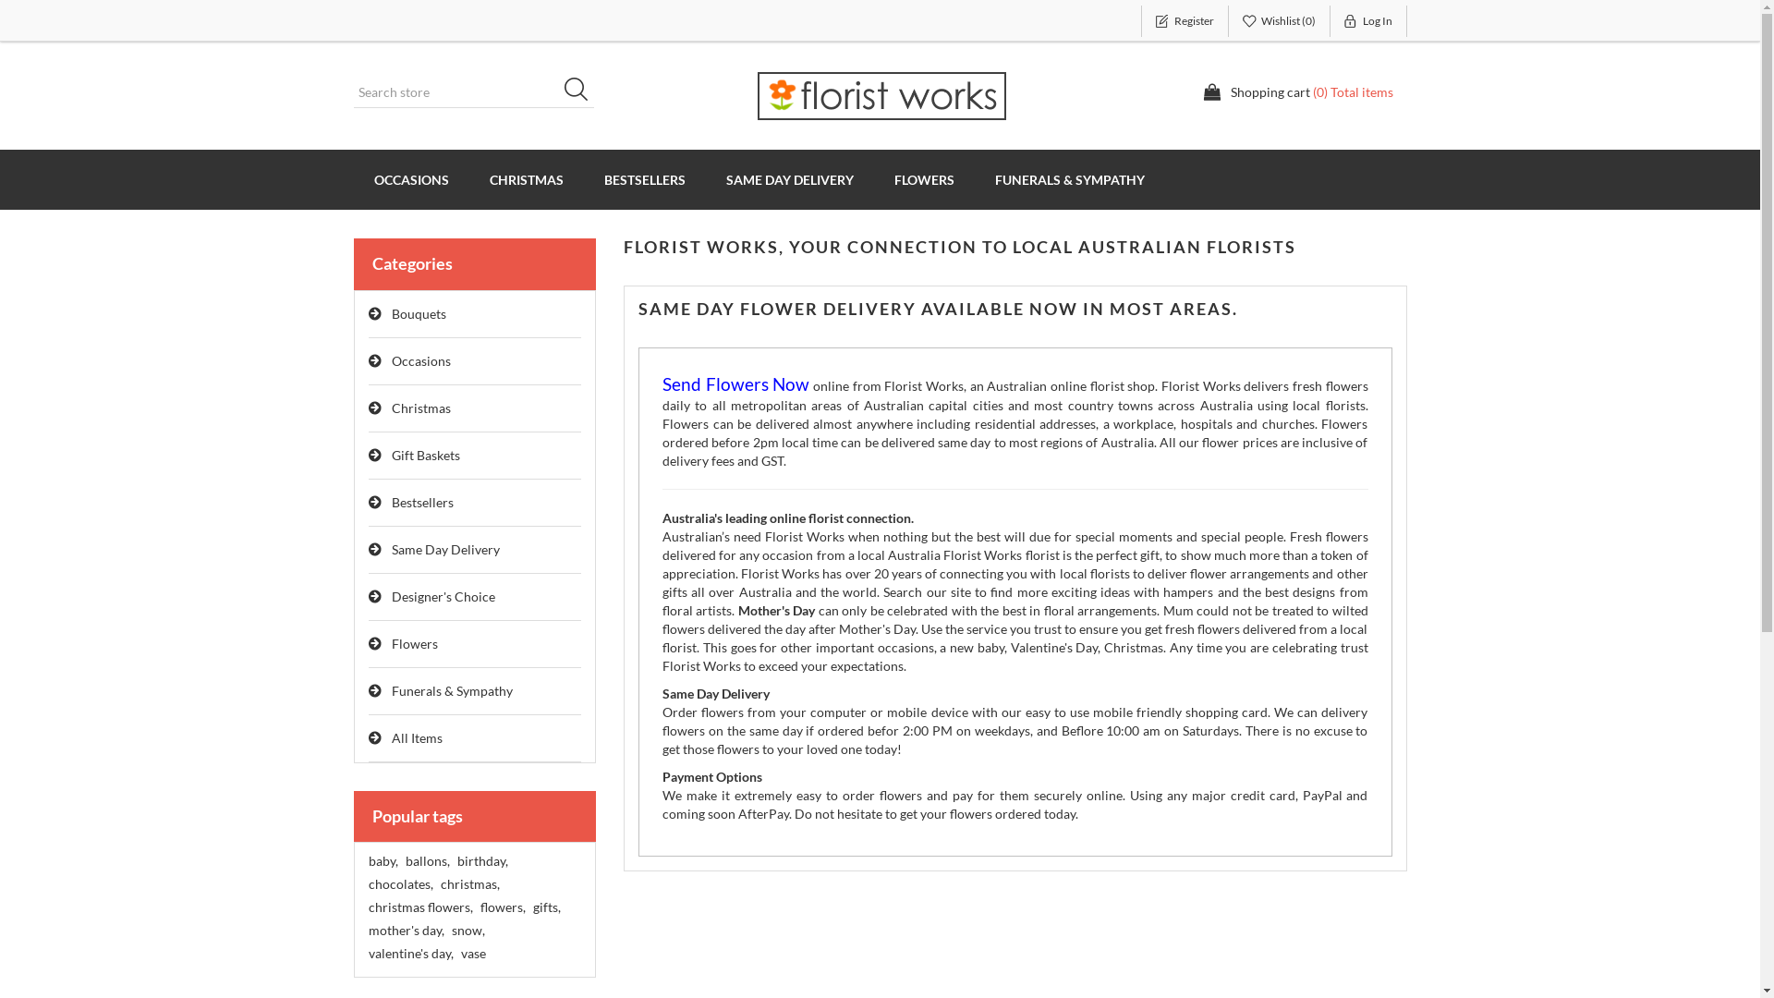  I want to click on 'christmas flowers,', so click(368, 907).